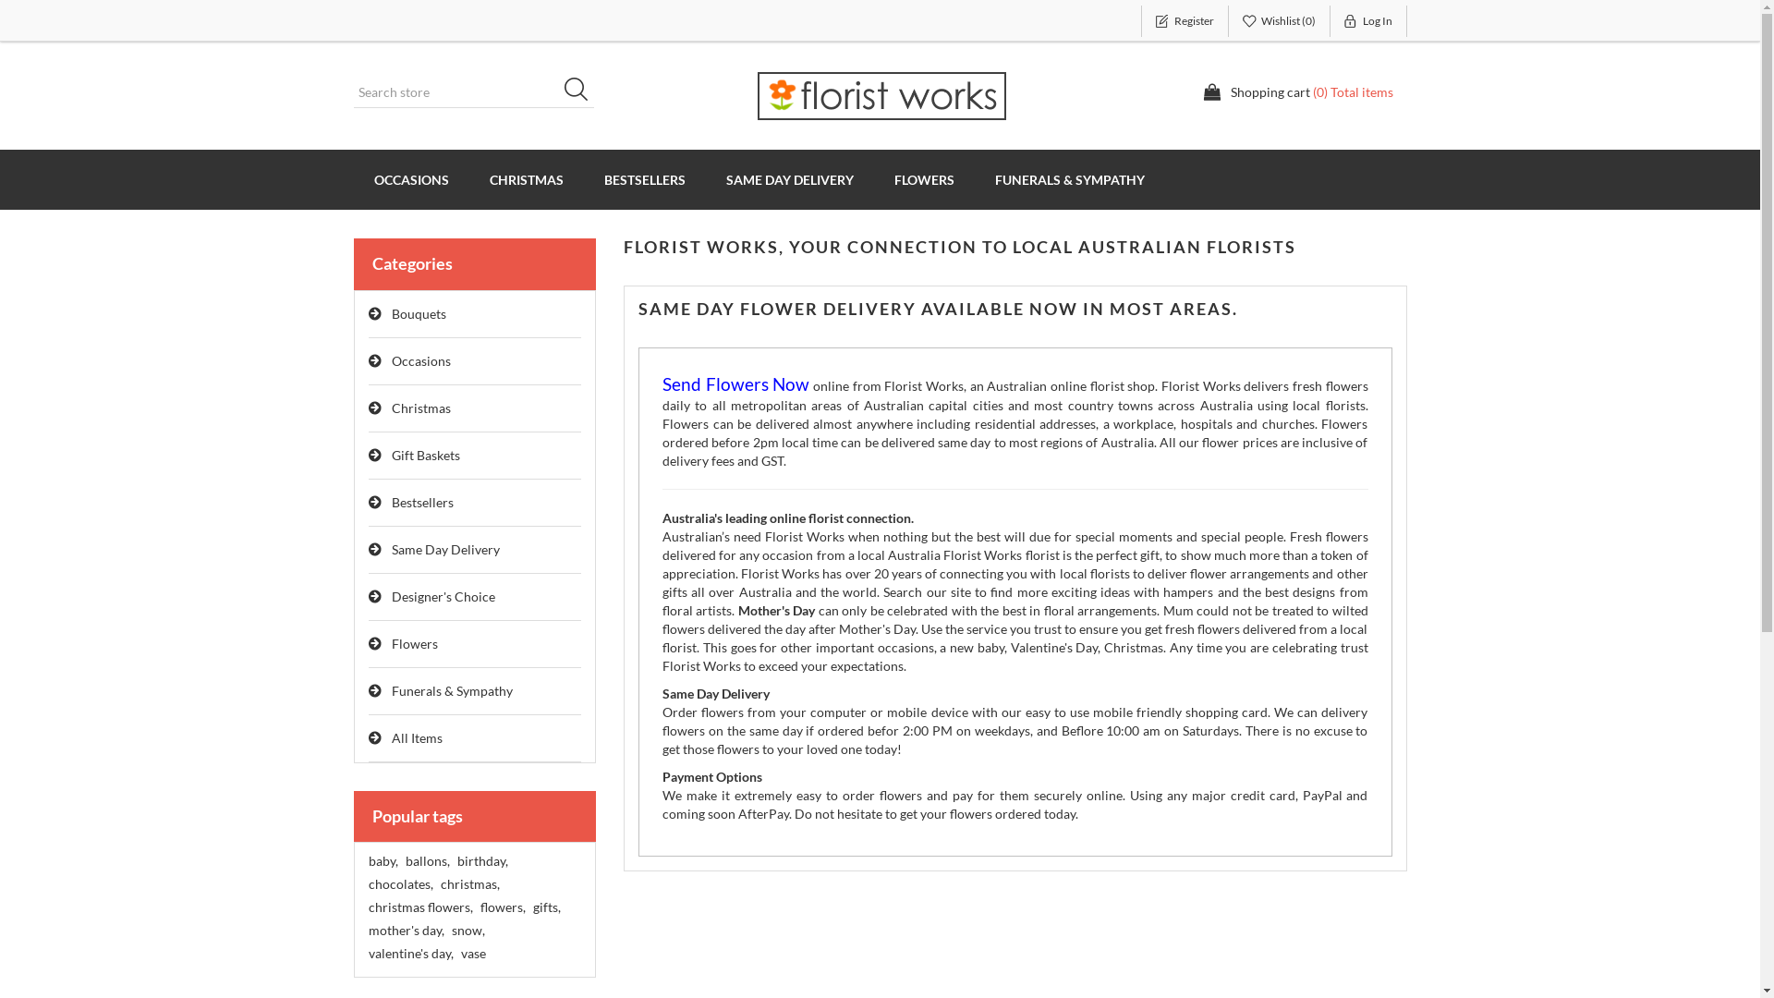  I want to click on 'christmas flowers,', so click(368, 907).